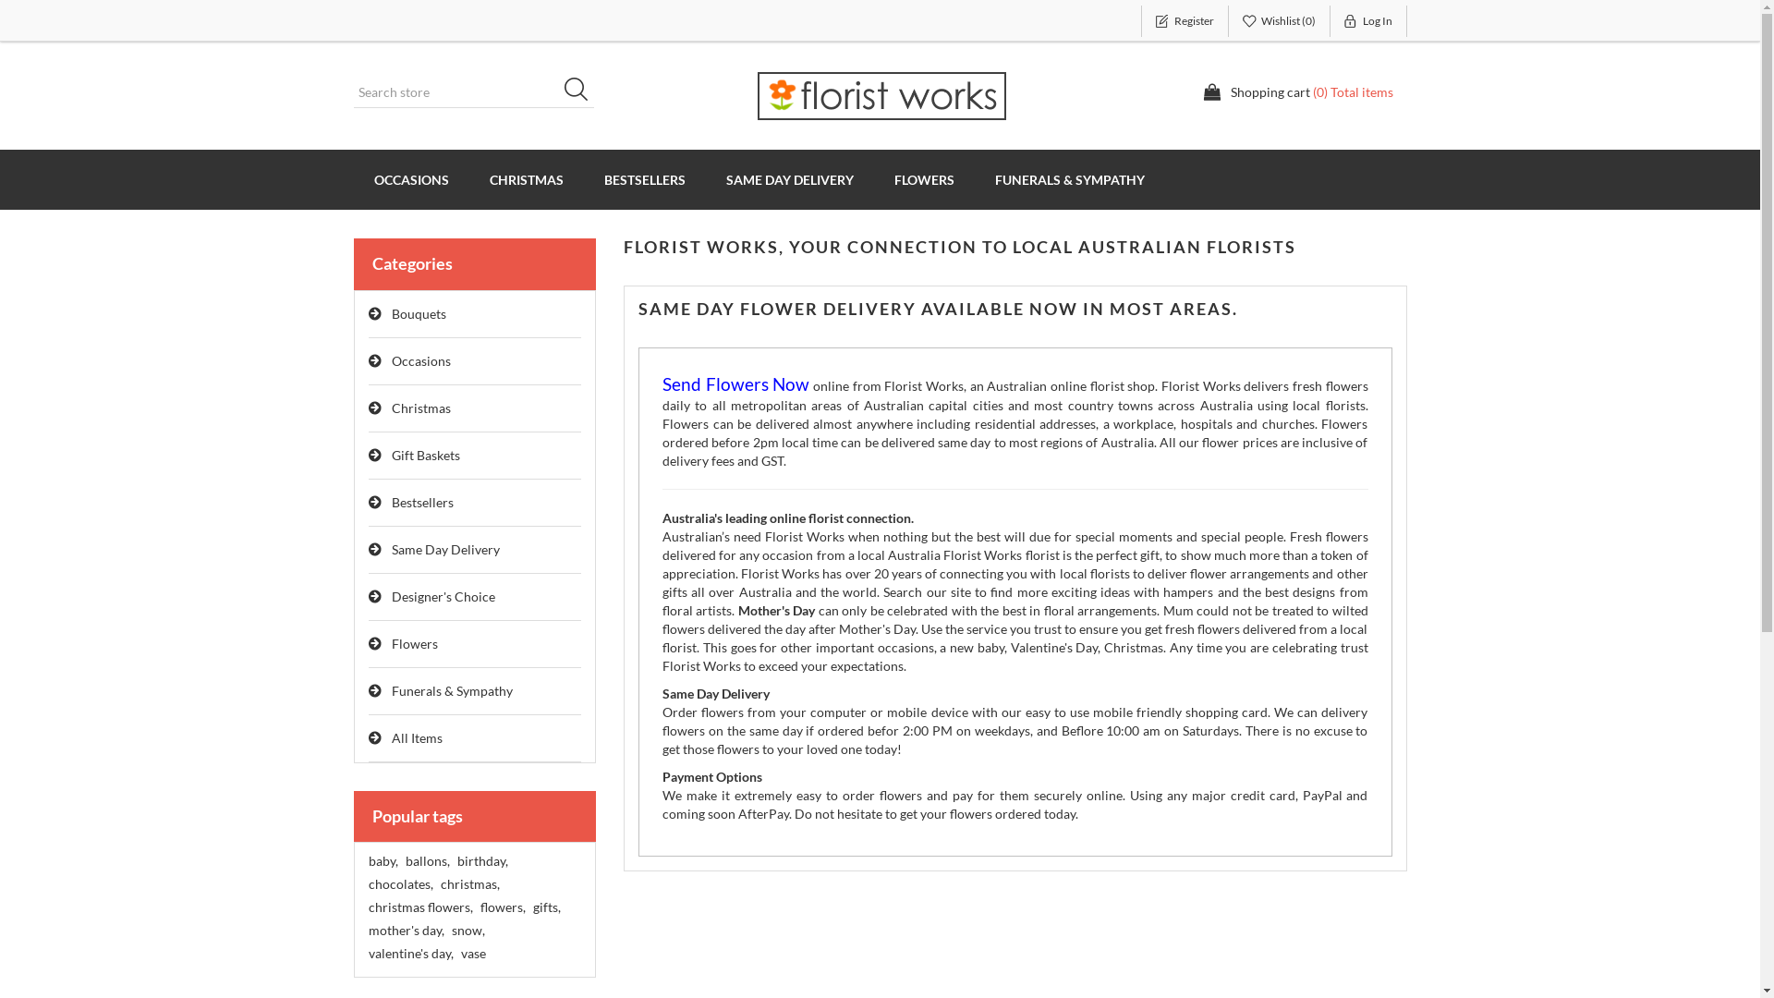  I want to click on 'christmas flowers,', so click(368, 907).